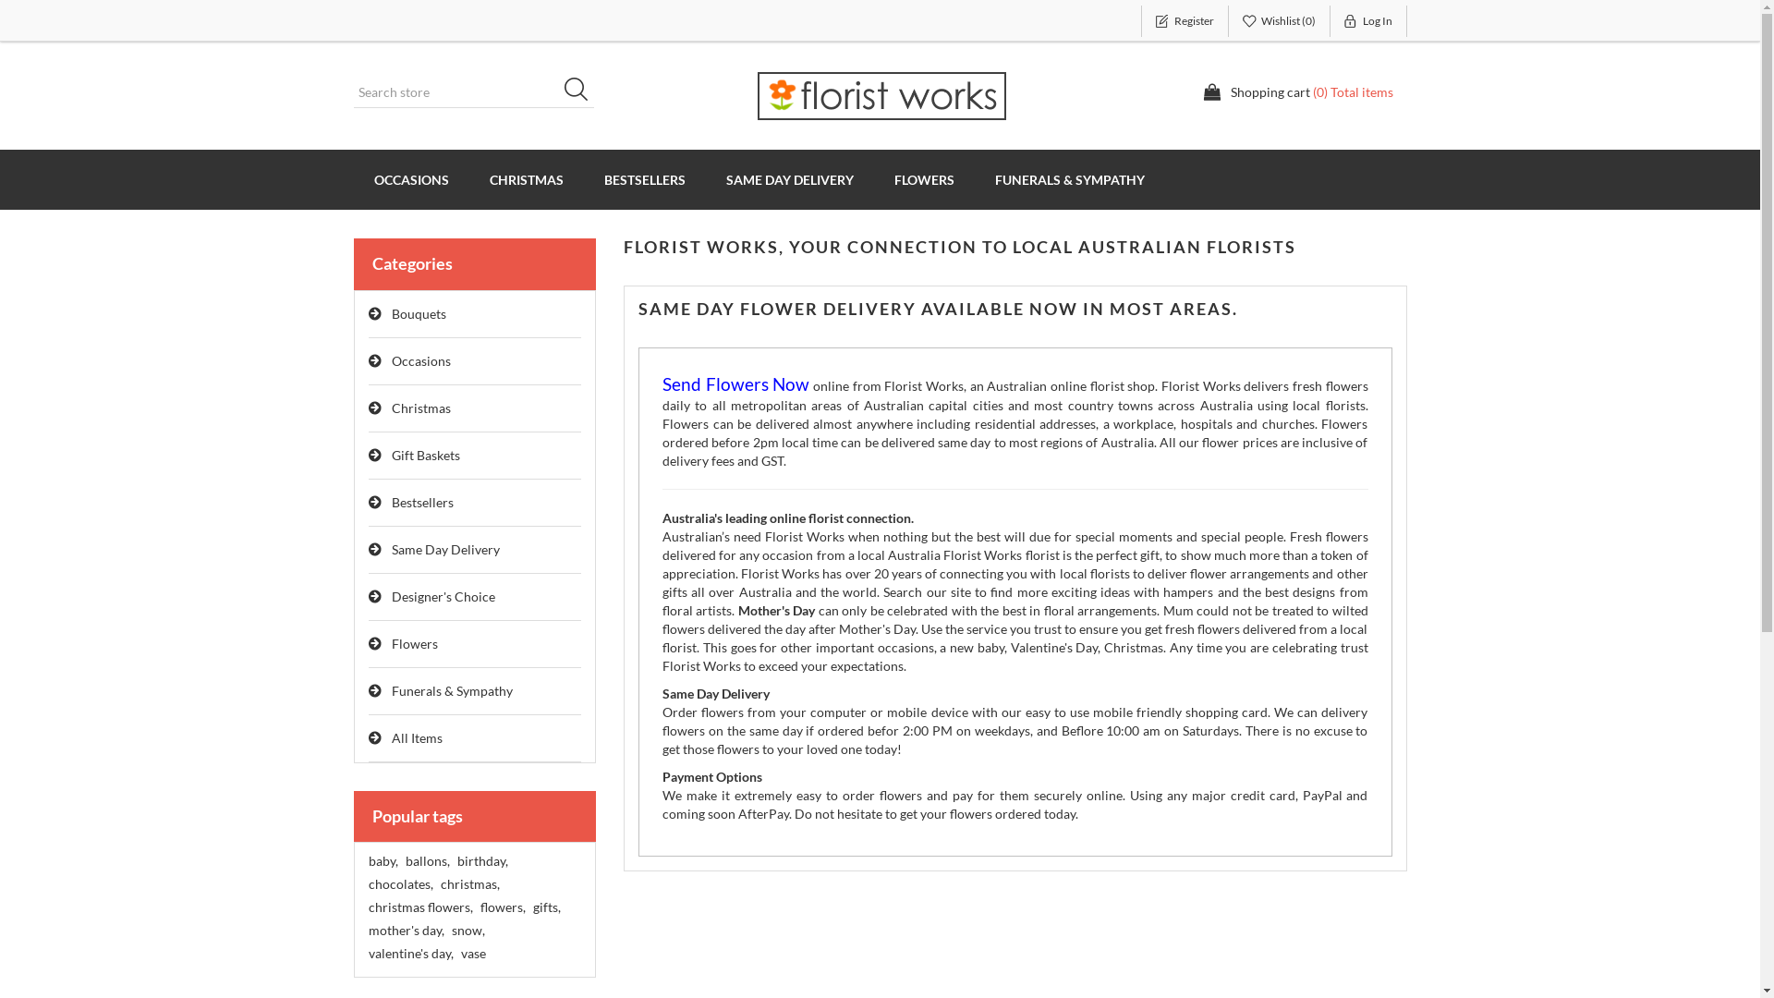  I want to click on 'christmas flowers,', so click(368, 907).